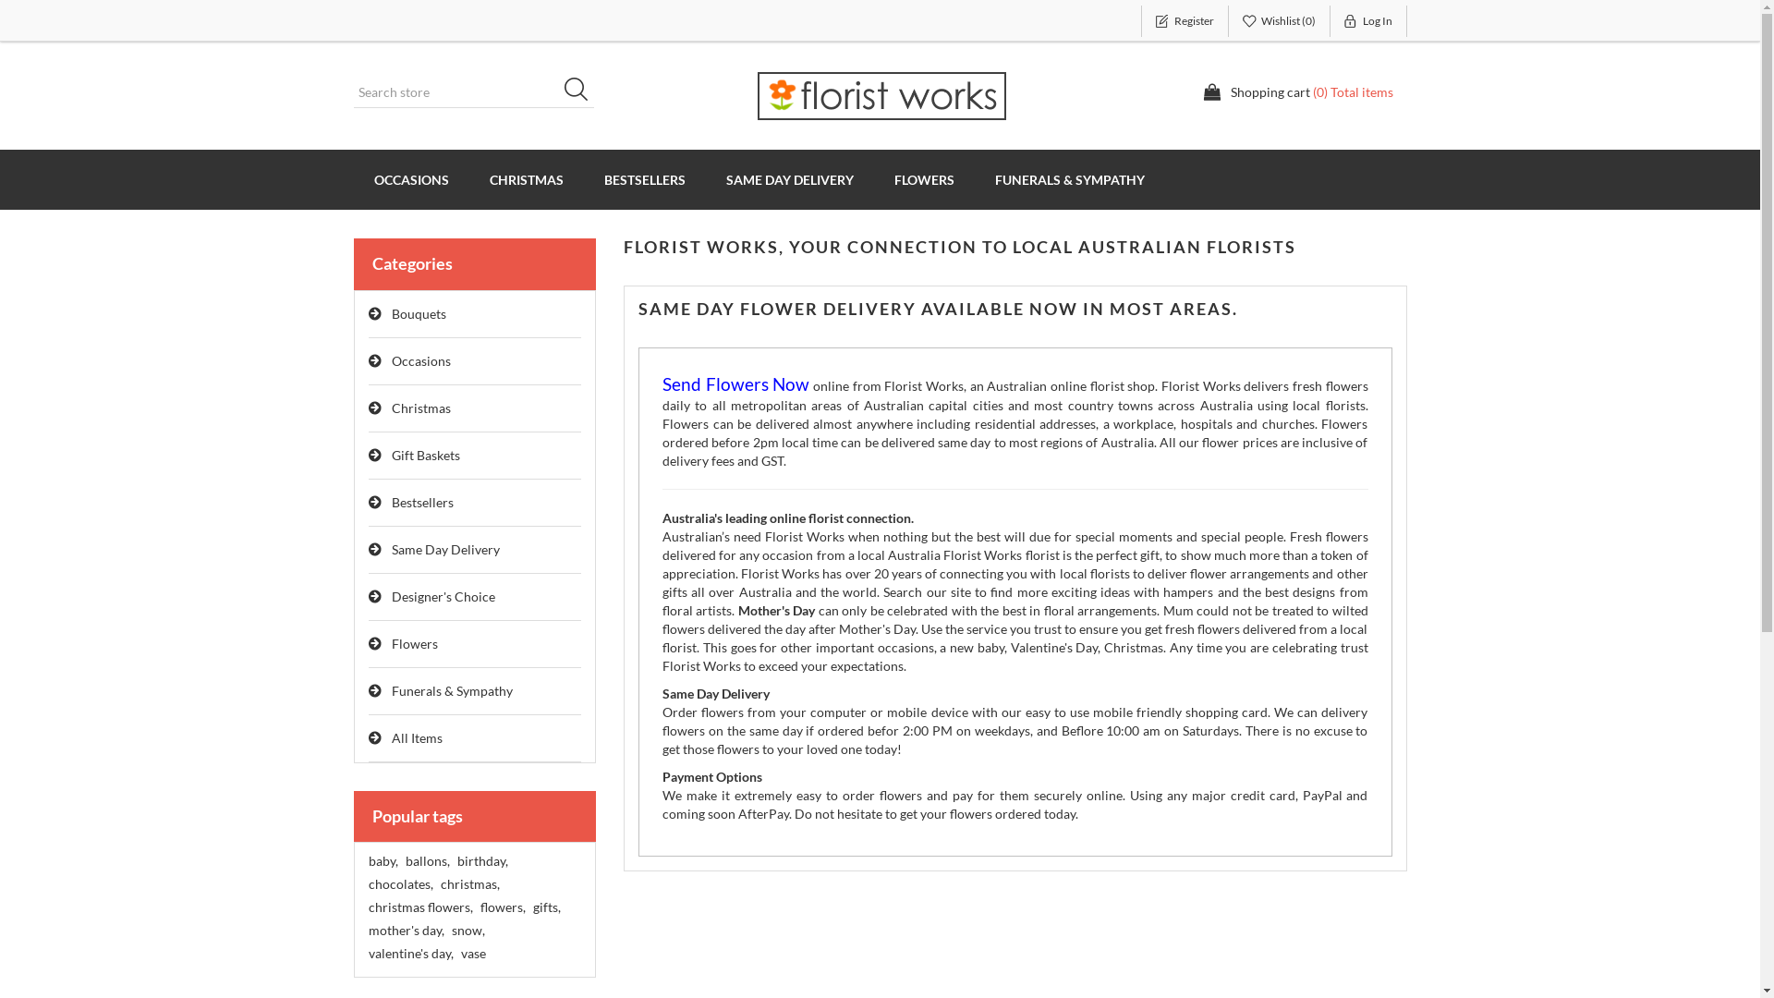  I want to click on 'christmas flowers,', so click(368, 907).